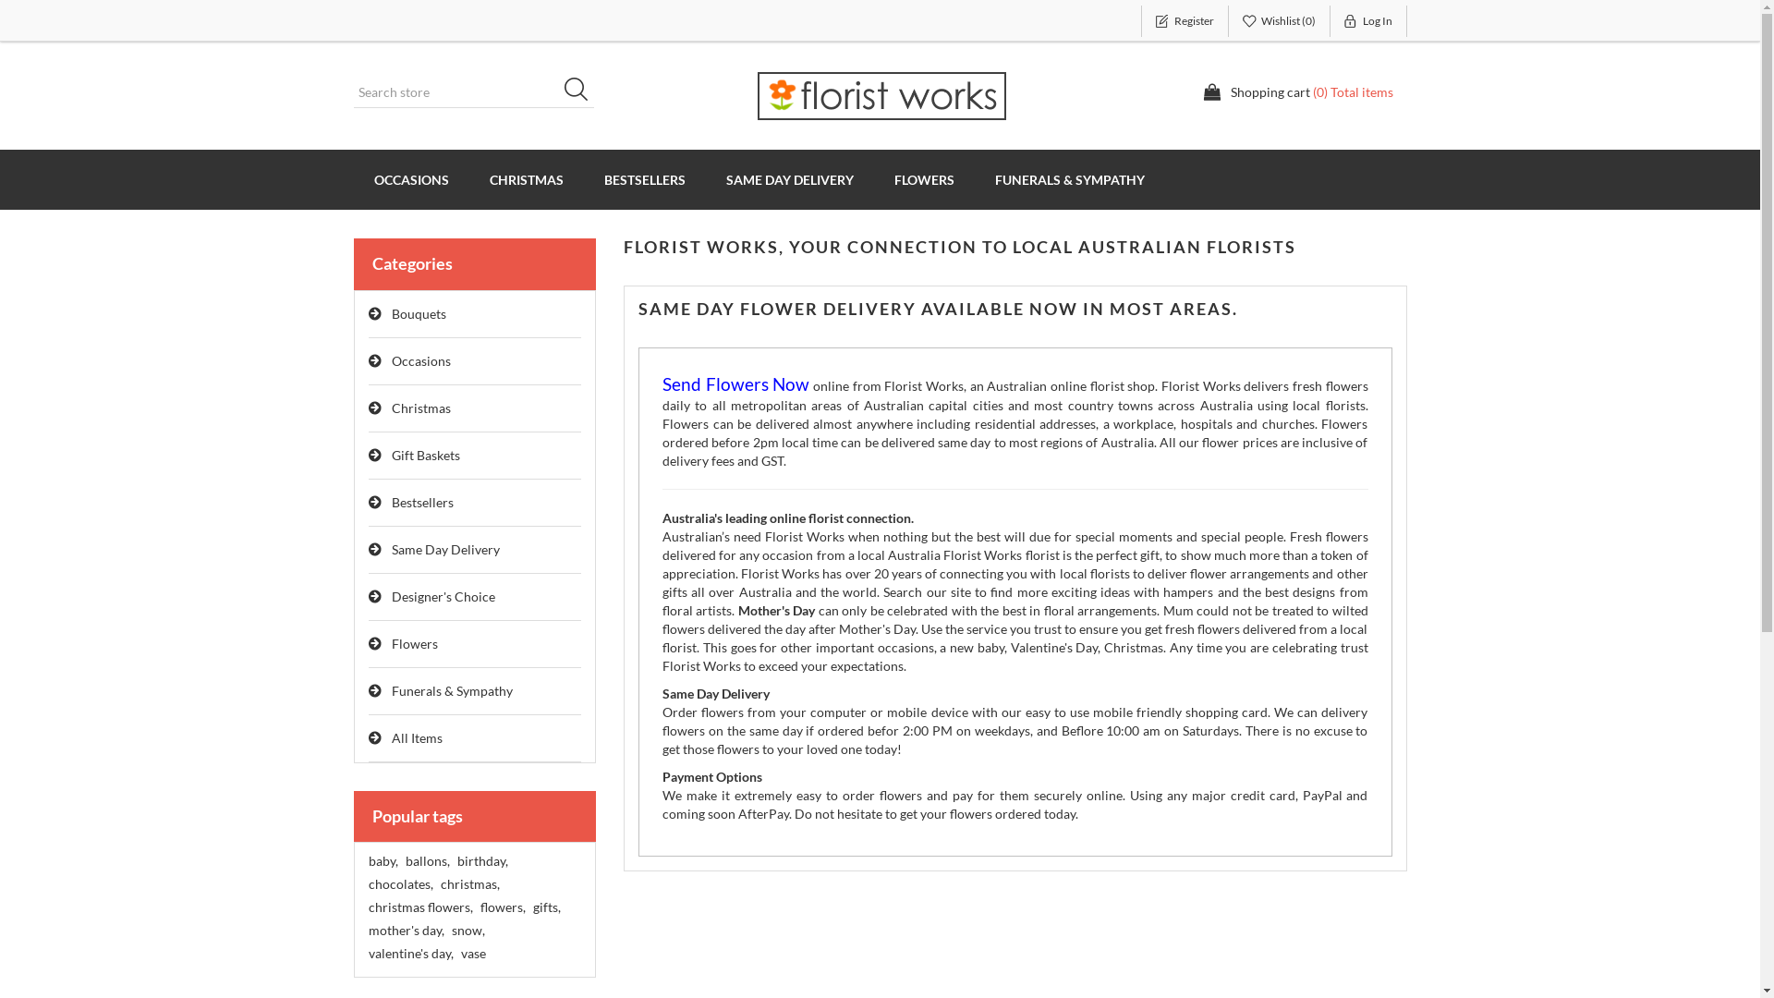  I want to click on 'christmas flowers,', so click(368, 907).